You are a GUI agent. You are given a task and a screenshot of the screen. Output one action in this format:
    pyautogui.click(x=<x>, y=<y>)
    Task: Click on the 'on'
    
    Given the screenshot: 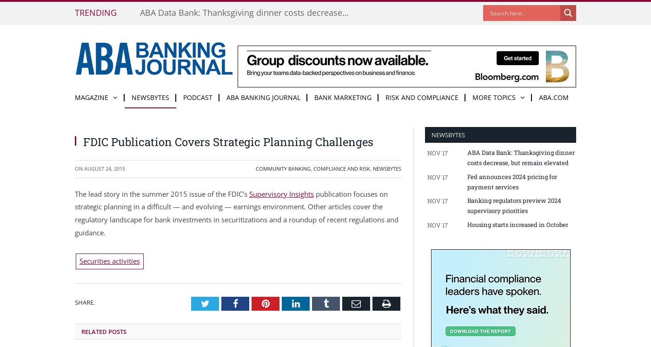 What is the action you would take?
    pyautogui.click(x=79, y=168)
    